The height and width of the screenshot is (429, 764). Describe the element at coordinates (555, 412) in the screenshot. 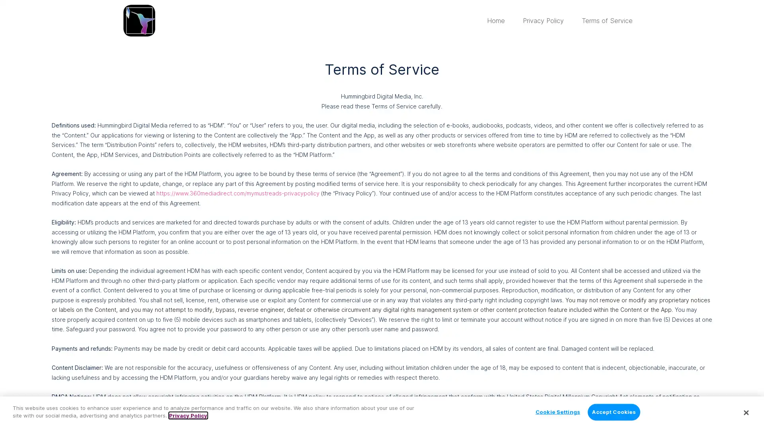

I see `Cookie Settings` at that location.